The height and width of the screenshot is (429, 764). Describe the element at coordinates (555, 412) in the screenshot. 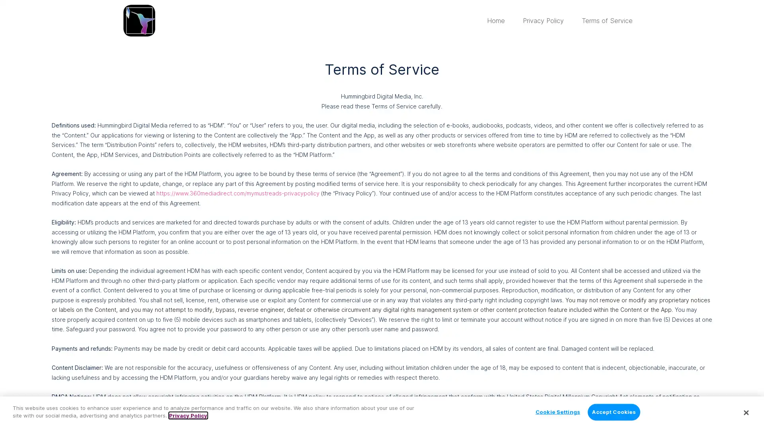

I see `Cookie Settings` at that location.